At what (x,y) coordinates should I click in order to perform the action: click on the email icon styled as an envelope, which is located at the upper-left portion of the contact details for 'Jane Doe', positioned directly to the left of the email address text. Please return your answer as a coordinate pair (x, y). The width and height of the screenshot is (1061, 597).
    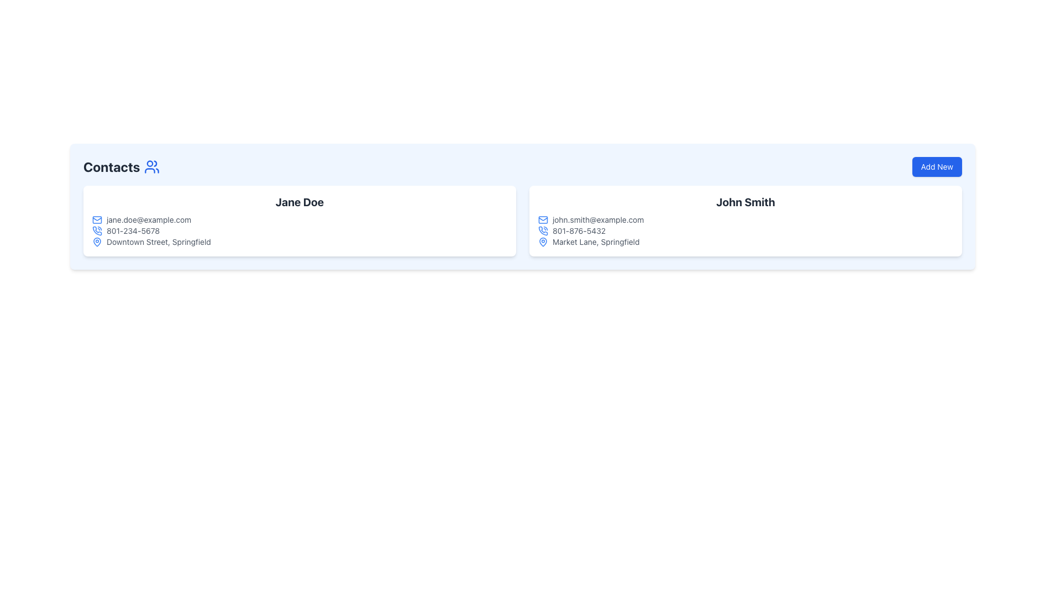
    Looking at the image, I should click on (97, 219).